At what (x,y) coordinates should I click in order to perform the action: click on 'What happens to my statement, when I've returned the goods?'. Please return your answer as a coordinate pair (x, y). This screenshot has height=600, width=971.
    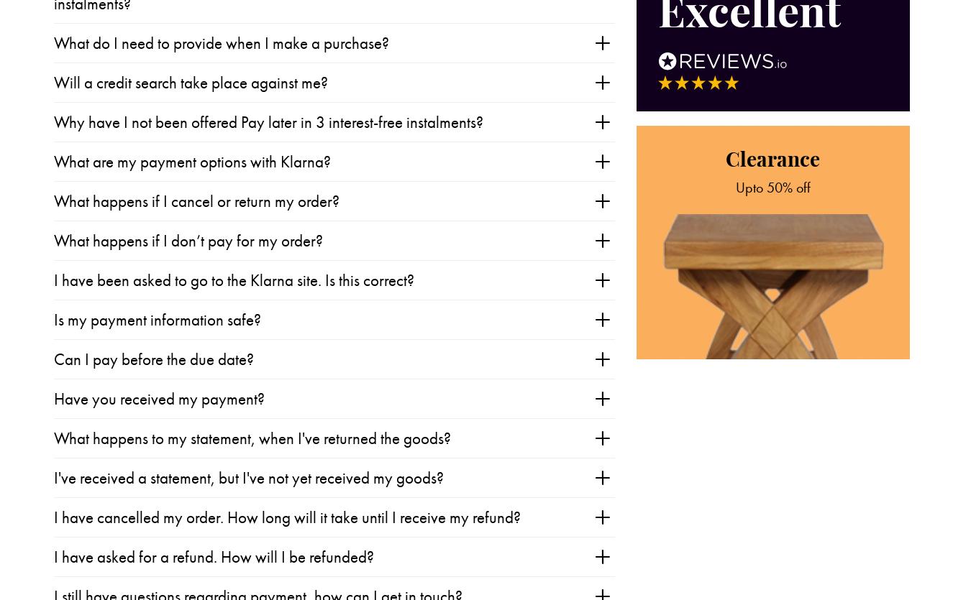
    Looking at the image, I should click on (252, 75).